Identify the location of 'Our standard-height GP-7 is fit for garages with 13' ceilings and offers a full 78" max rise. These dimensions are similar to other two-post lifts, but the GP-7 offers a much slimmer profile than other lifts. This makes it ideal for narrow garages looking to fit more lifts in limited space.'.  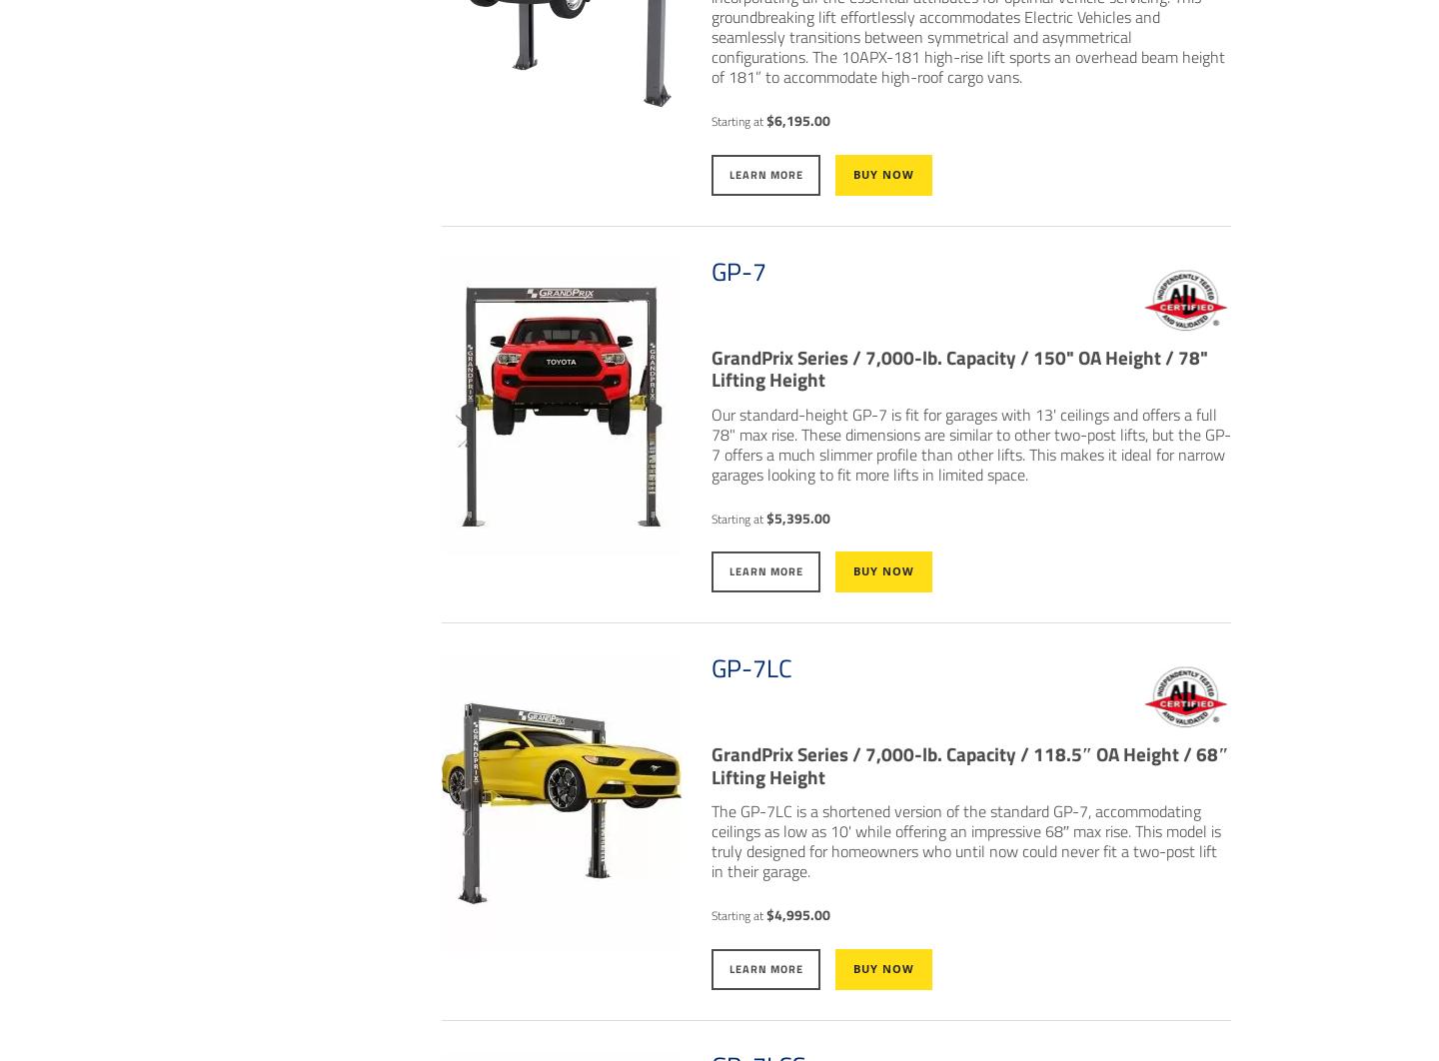
(968, 443).